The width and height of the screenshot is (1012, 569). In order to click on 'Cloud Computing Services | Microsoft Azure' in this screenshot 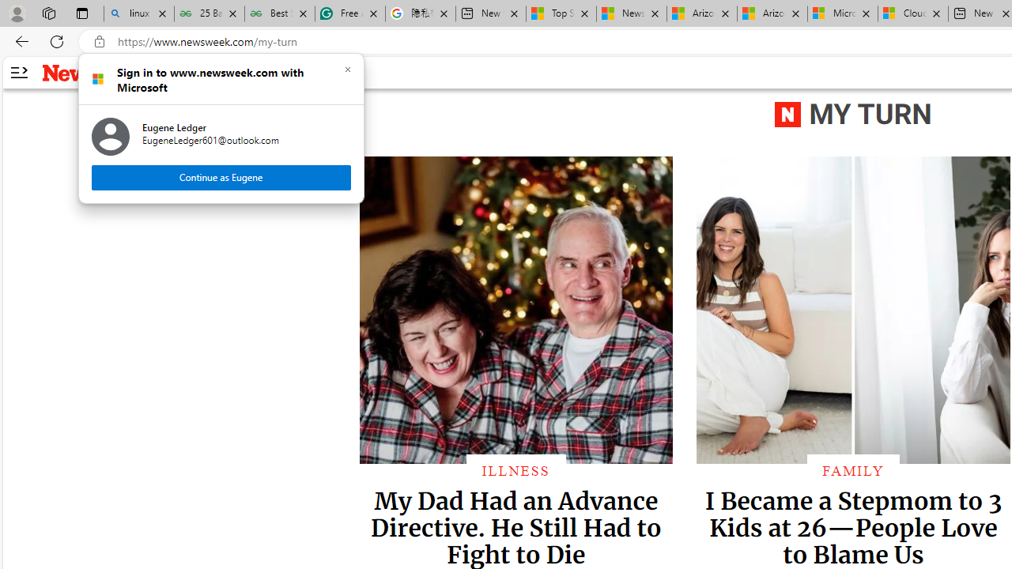, I will do `click(913, 13)`.